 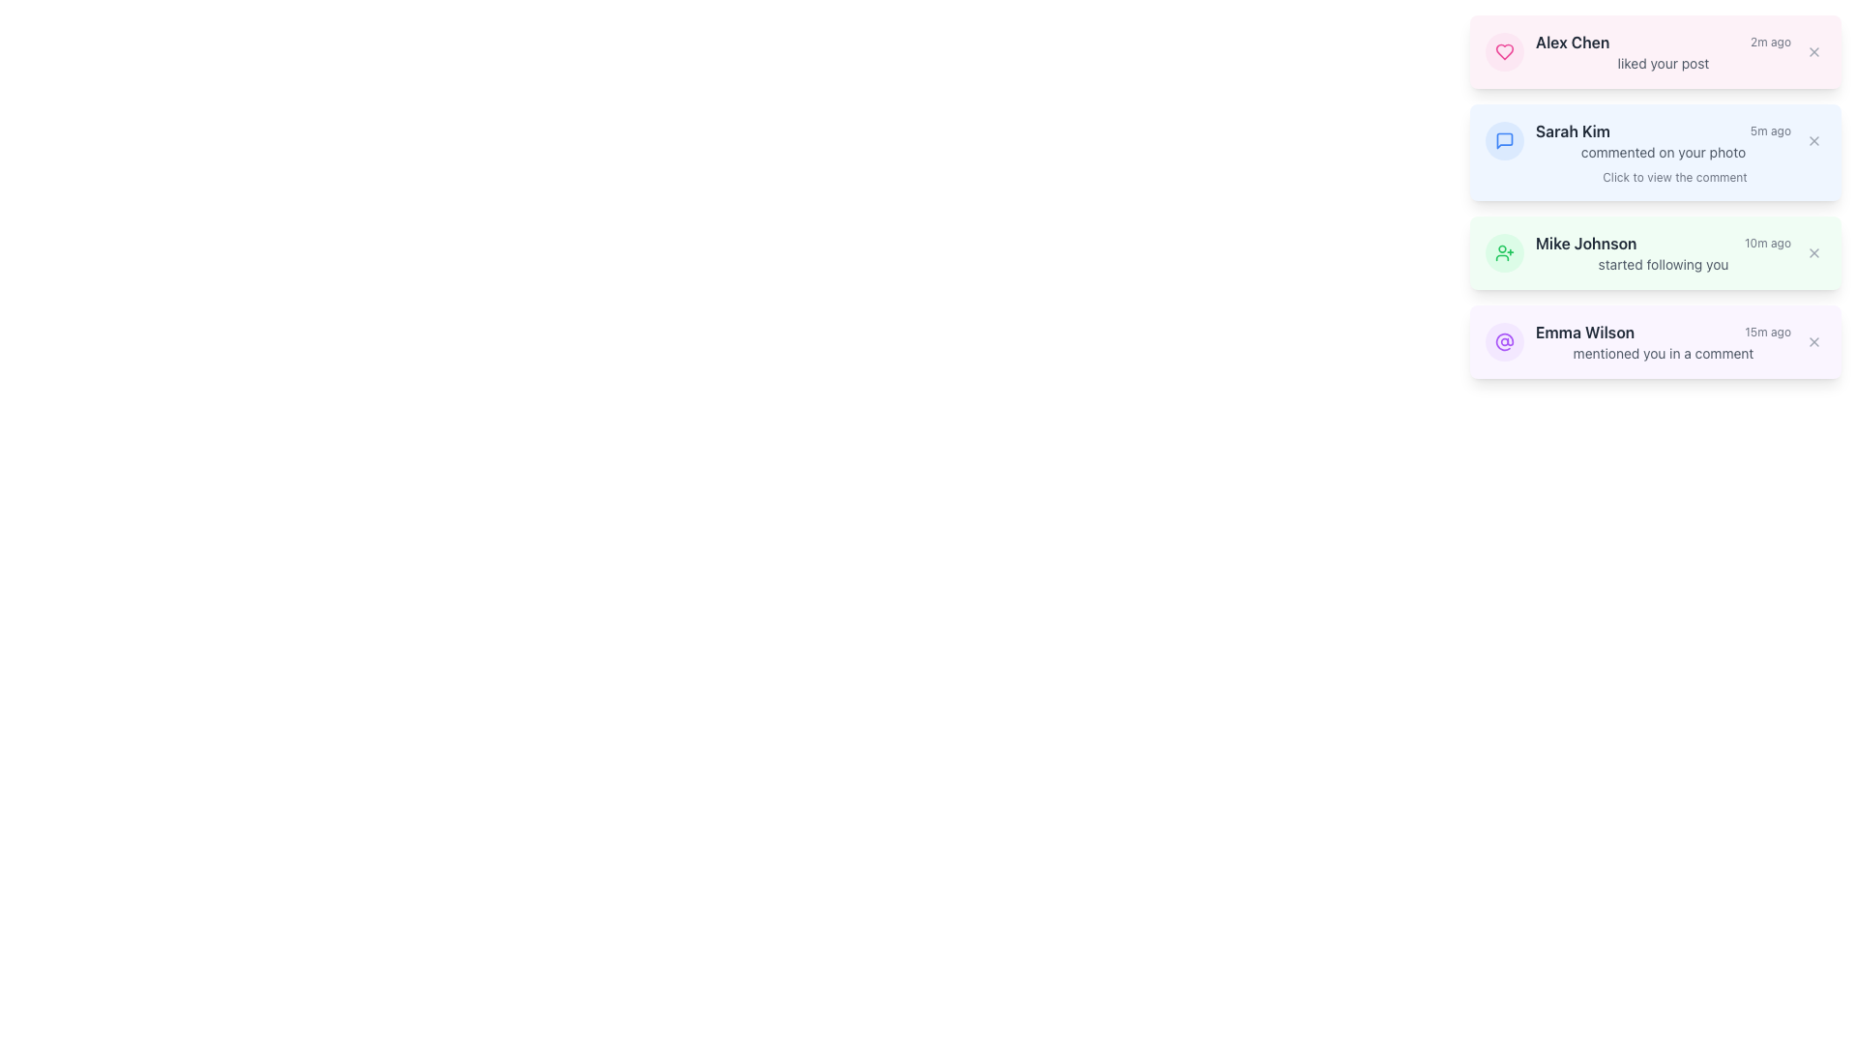 I want to click on the text label displaying 'Mike Johnson' in bold or semi-bold dark gray font, located in the top left of a green notification card, so click(x=1586, y=242).